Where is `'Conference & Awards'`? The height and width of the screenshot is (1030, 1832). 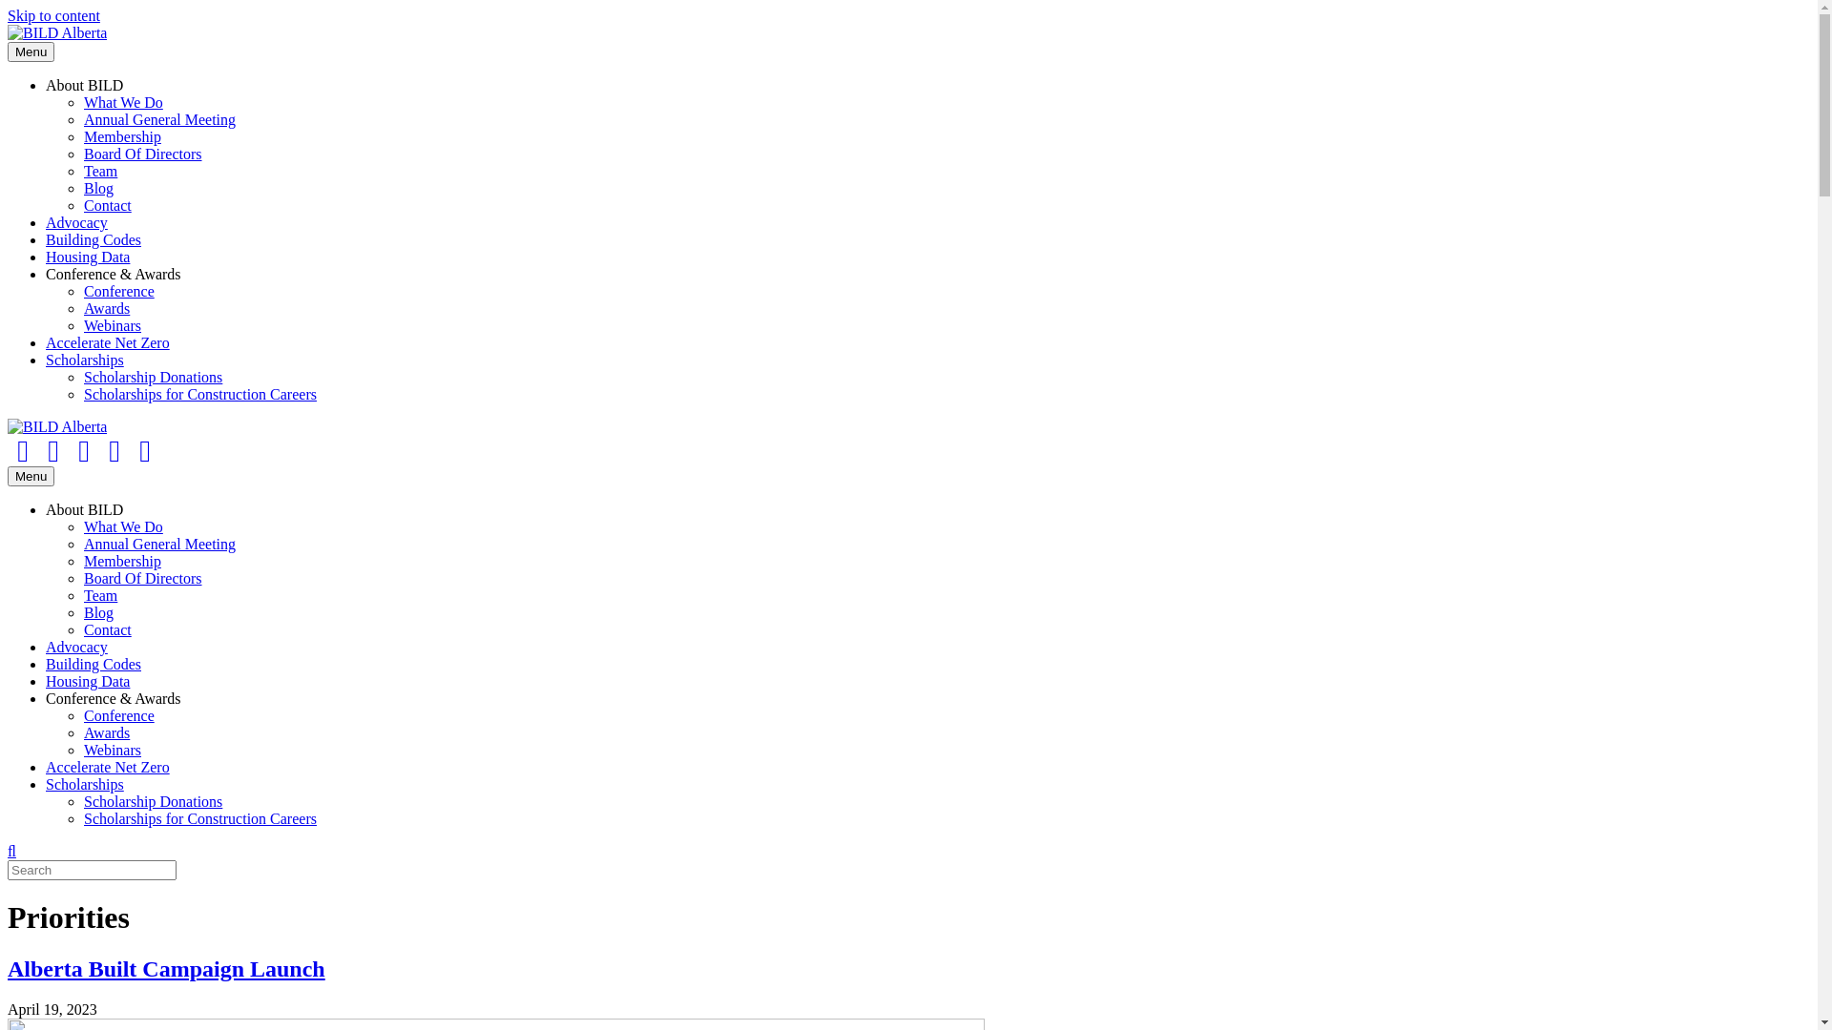 'Conference & Awards' is located at coordinates (113, 698).